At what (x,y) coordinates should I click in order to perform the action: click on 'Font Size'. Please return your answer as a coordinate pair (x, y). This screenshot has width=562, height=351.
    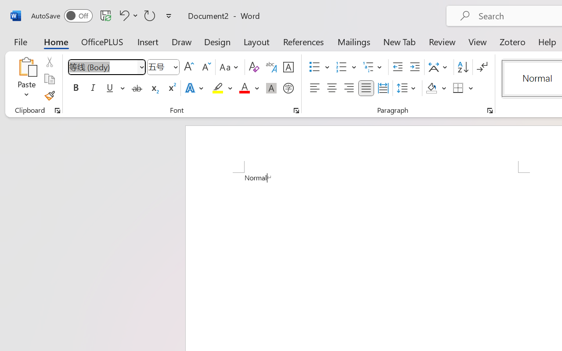
    Looking at the image, I should click on (163, 67).